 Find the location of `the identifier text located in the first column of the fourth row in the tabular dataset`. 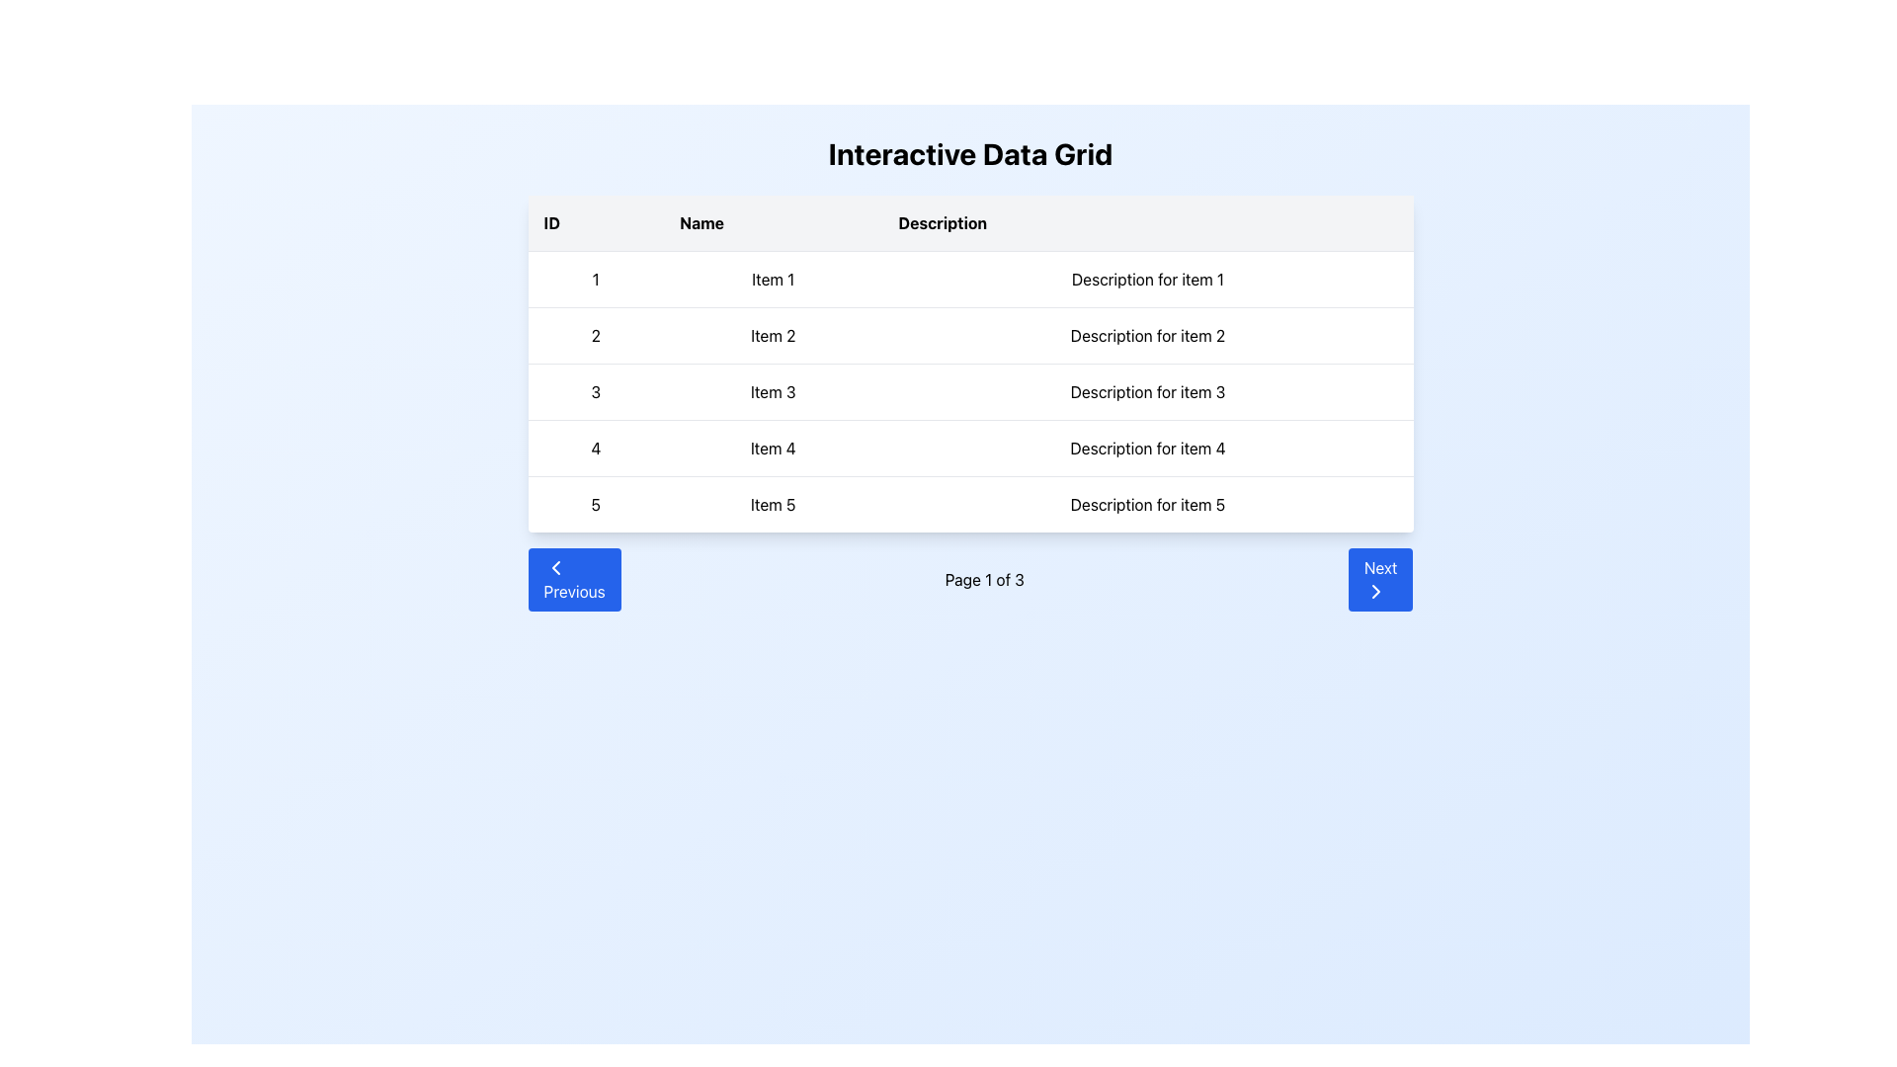

the identifier text located in the first column of the fourth row in the tabular dataset is located at coordinates (595, 449).